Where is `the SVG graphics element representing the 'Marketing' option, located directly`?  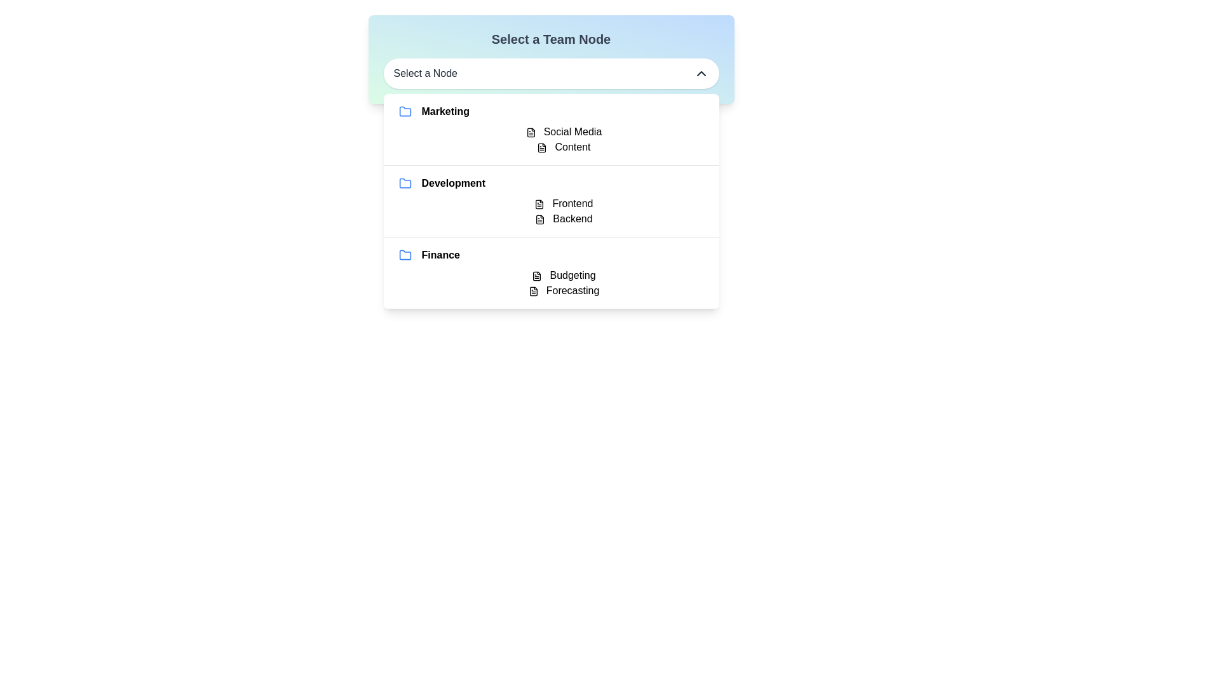 the SVG graphics element representing the 'Marketing' option, located directly is located at coordinates (404, 111).